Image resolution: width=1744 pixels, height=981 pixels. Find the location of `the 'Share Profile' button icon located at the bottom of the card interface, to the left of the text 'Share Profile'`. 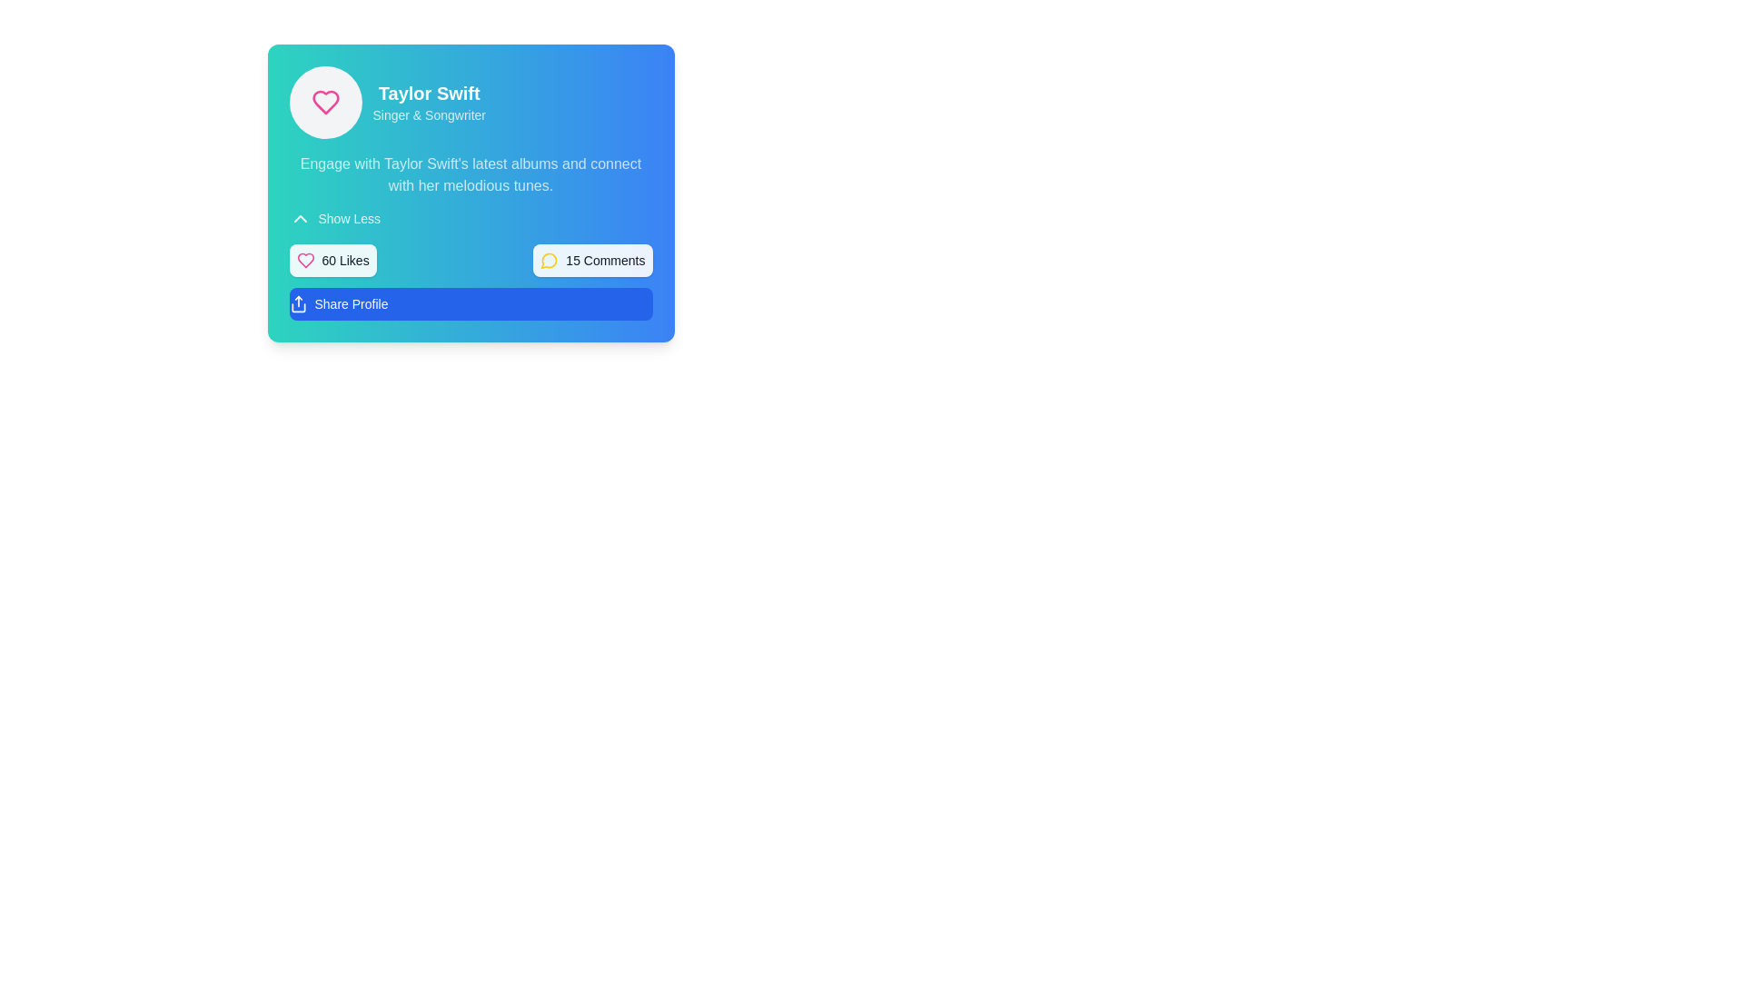

the 'Share Profile' button icon located at the bottom of the card interface, to the left of the text 'Share Profile' is located at coordinates (298, 303).